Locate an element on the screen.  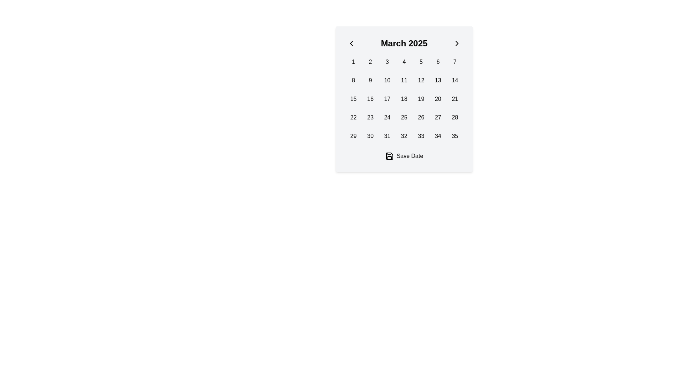
the interactive calendar day button for the date '15' located in the first column of the third row in the date-picker interface for March 2025 is located at coordinates (353, 99).